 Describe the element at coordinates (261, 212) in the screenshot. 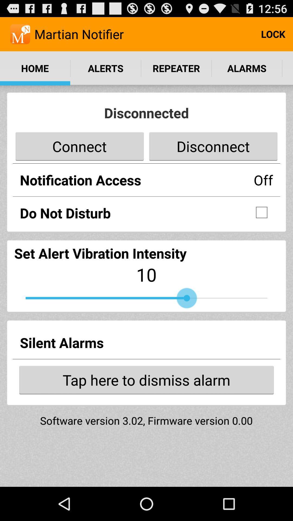

I see `do not disturb checkbox` at that location.